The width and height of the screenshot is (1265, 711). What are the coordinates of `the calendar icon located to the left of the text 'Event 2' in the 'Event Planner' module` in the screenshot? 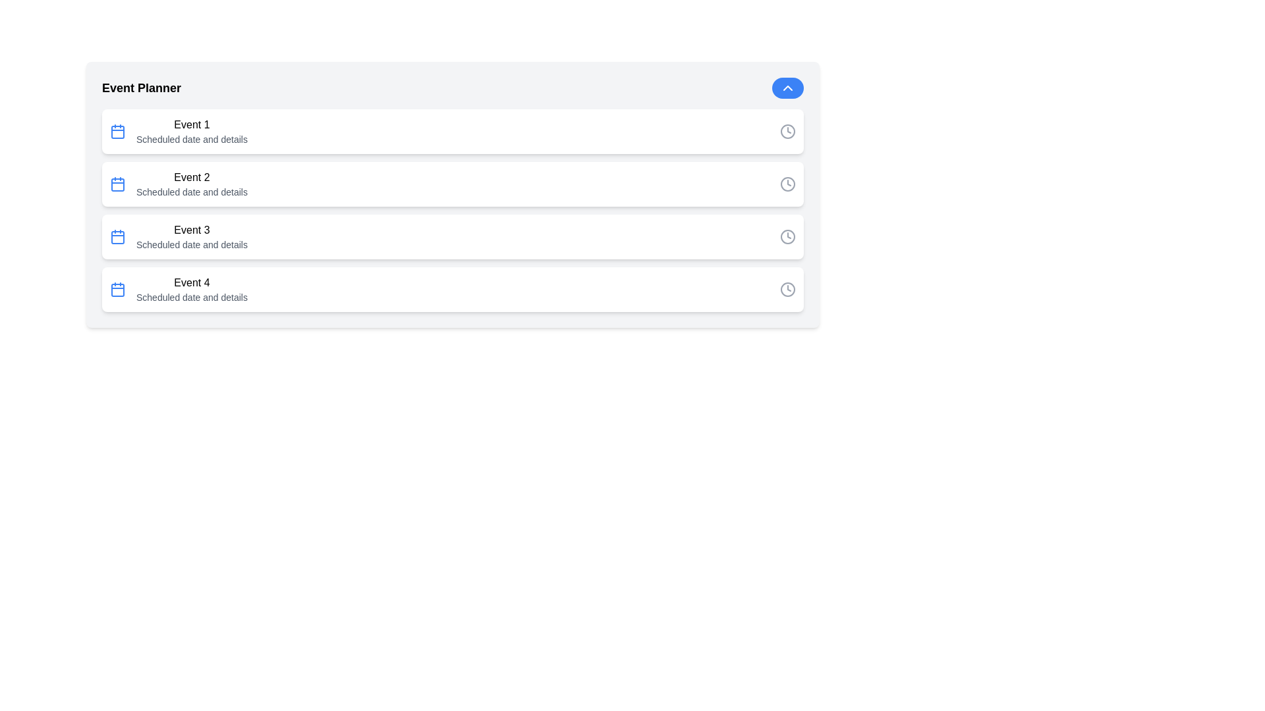 It's located at (117, 184).